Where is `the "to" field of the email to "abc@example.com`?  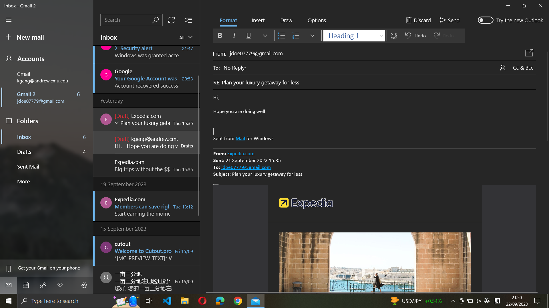
the "to" field of the email to "abc@example.com is located at coordinates (380, 67).